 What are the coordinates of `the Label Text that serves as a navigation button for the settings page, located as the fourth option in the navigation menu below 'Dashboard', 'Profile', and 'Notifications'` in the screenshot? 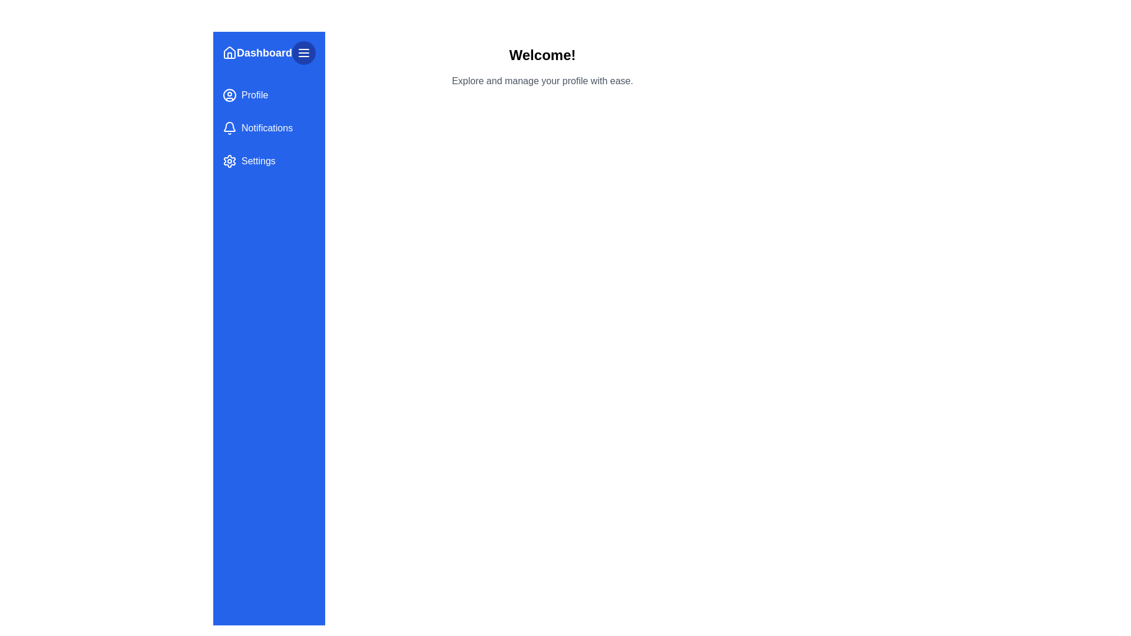 It's located at (257, 161).